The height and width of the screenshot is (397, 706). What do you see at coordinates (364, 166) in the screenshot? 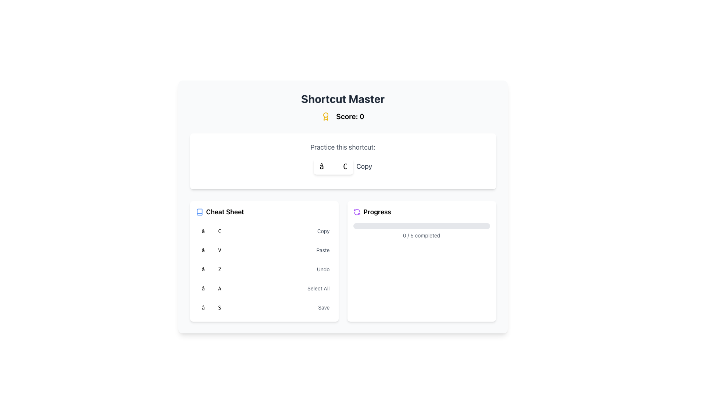
I see `the 'Copy' text label, which is gray-colored and positioned below the title 'Shortcut Master', to the right of a blue-highlighted key-like component` at bounding box center [364, 166].